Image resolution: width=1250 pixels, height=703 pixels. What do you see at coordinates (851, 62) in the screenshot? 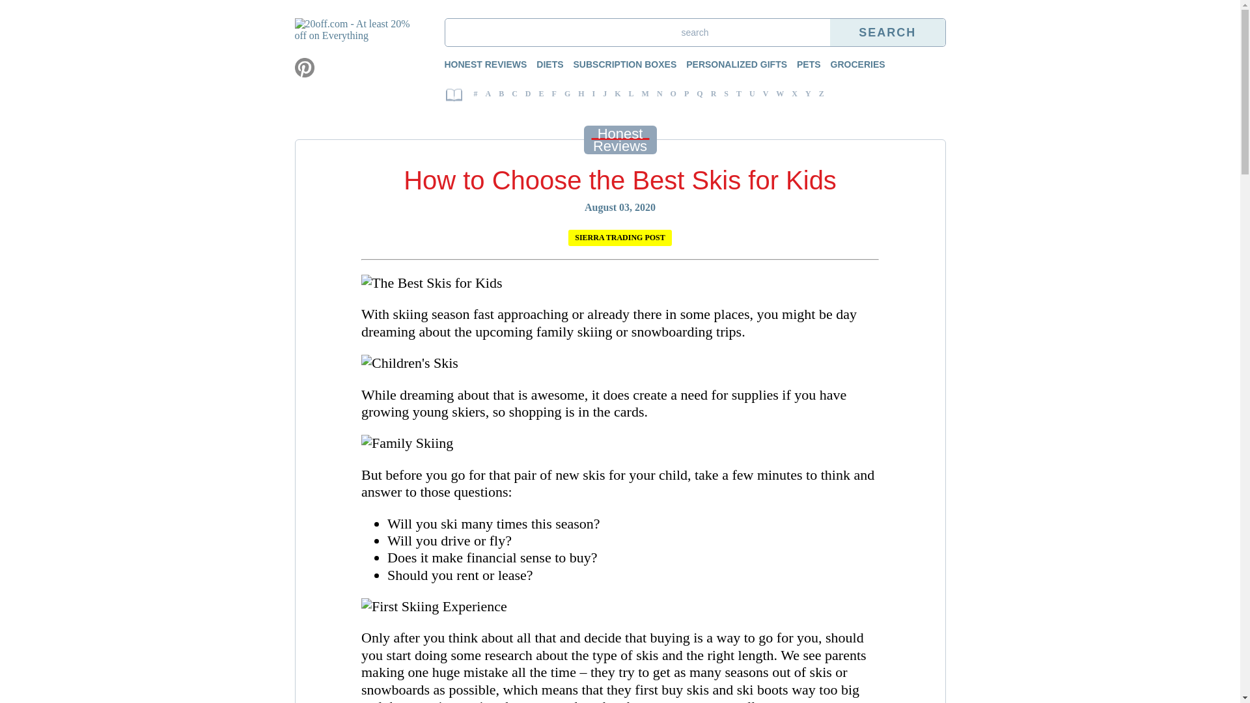
I see `'GROCERIES'` at bounding box center [851, 62].